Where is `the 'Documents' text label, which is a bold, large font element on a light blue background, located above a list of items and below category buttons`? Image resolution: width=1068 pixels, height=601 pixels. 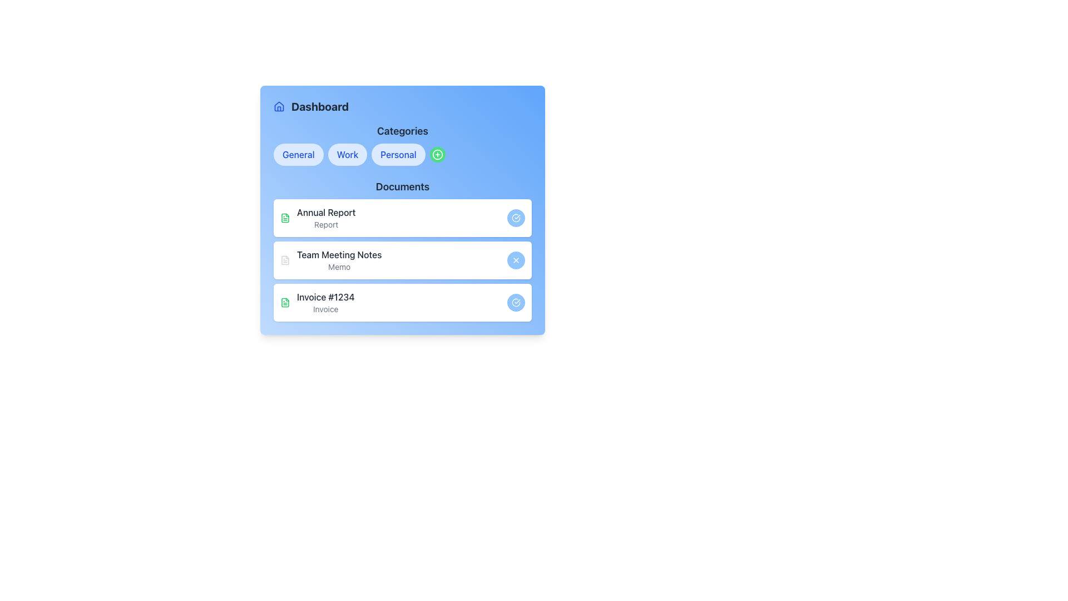 the 'Documents' text label, which is a bold, large font element on a light blue background, located above a list of items and below category buttons is located at coordinates (402, 186).